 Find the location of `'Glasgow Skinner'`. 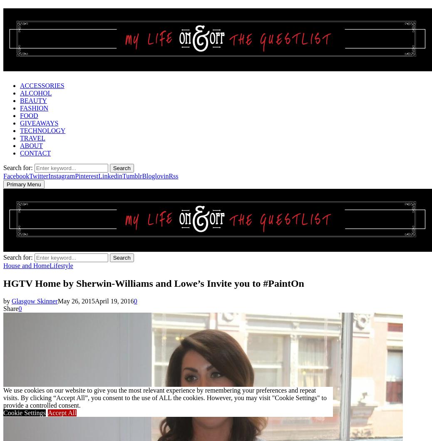

'Glasgow Skinner' is located at coordinates (34, 301).